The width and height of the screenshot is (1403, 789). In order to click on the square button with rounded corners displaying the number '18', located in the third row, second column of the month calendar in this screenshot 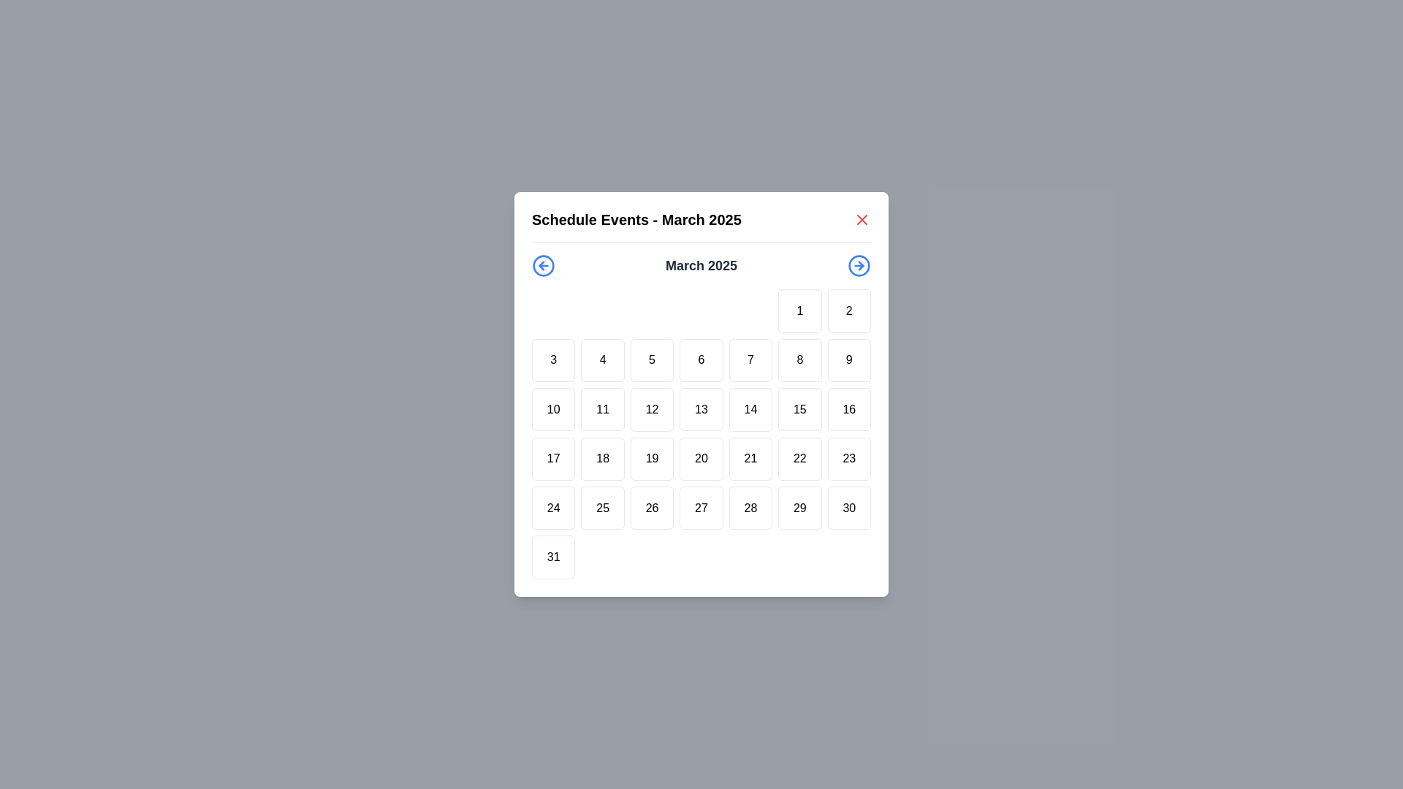, I will do `click(603, 458)`.